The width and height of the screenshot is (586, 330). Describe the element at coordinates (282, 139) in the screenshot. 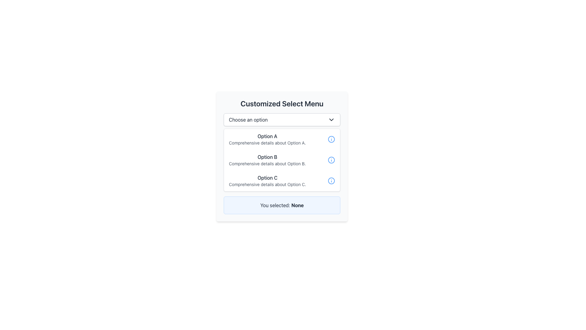

I see `the first list item 'Option A' in the dropdown menu` at that location.